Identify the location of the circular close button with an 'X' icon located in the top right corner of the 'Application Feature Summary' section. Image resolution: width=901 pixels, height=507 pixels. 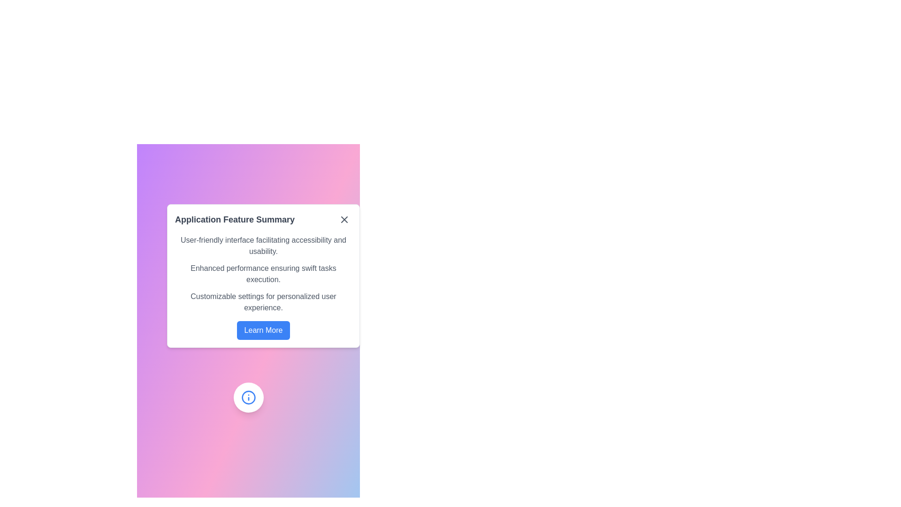
(344, 219).